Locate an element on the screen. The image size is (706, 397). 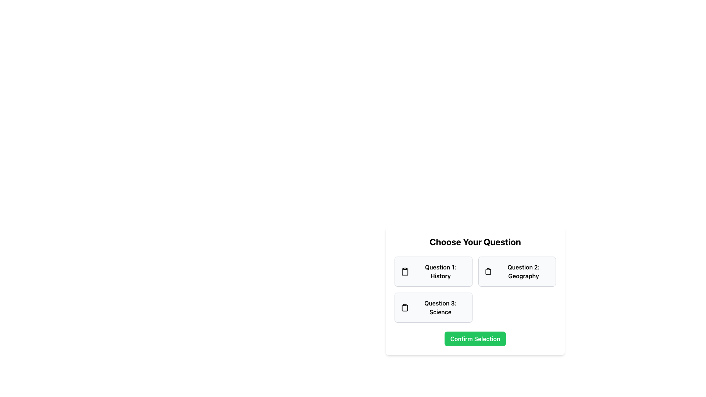
the 'Question 3: Science' button in the selector dialog with a white background and rounded corners, located beneath the title 'Choose Your Question' is located at coordinates (475, 290).